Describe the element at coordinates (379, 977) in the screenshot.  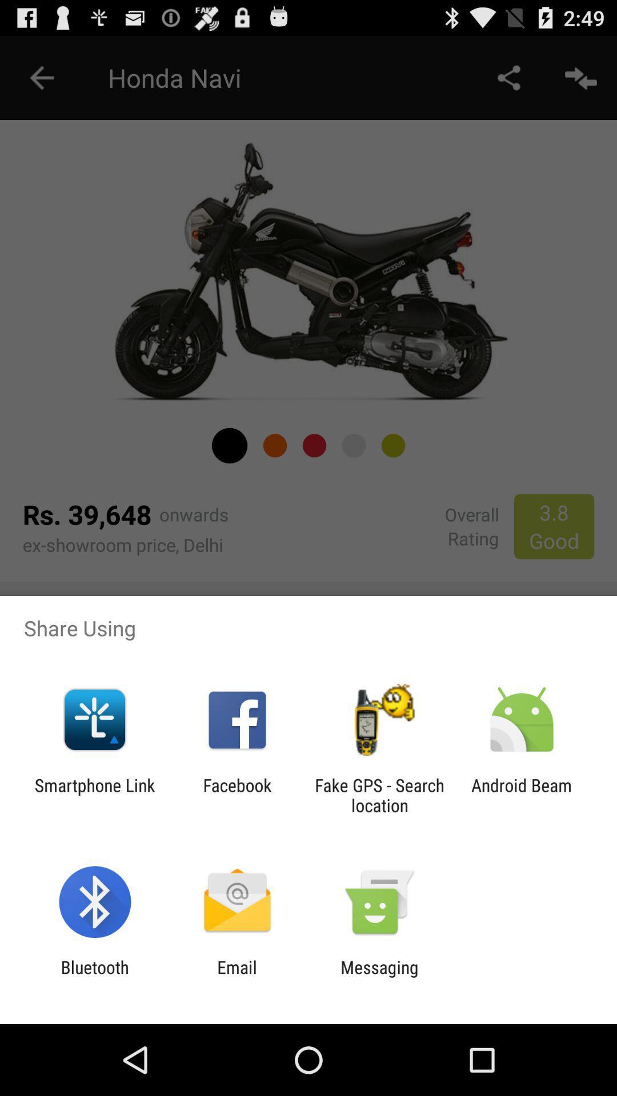
I see `item next to email icon` at that location.